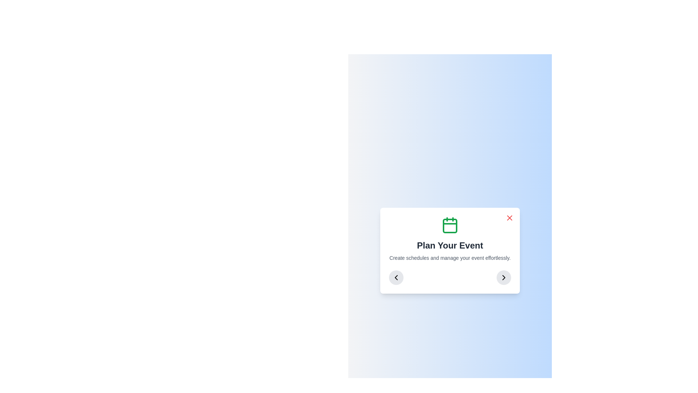  What do you see at coordinates (509, 217) in the screenshot?
I see `the red 'X' button located at the top-right corner of the dialog box to observe the hover effect` at bounding box center [509, 217].